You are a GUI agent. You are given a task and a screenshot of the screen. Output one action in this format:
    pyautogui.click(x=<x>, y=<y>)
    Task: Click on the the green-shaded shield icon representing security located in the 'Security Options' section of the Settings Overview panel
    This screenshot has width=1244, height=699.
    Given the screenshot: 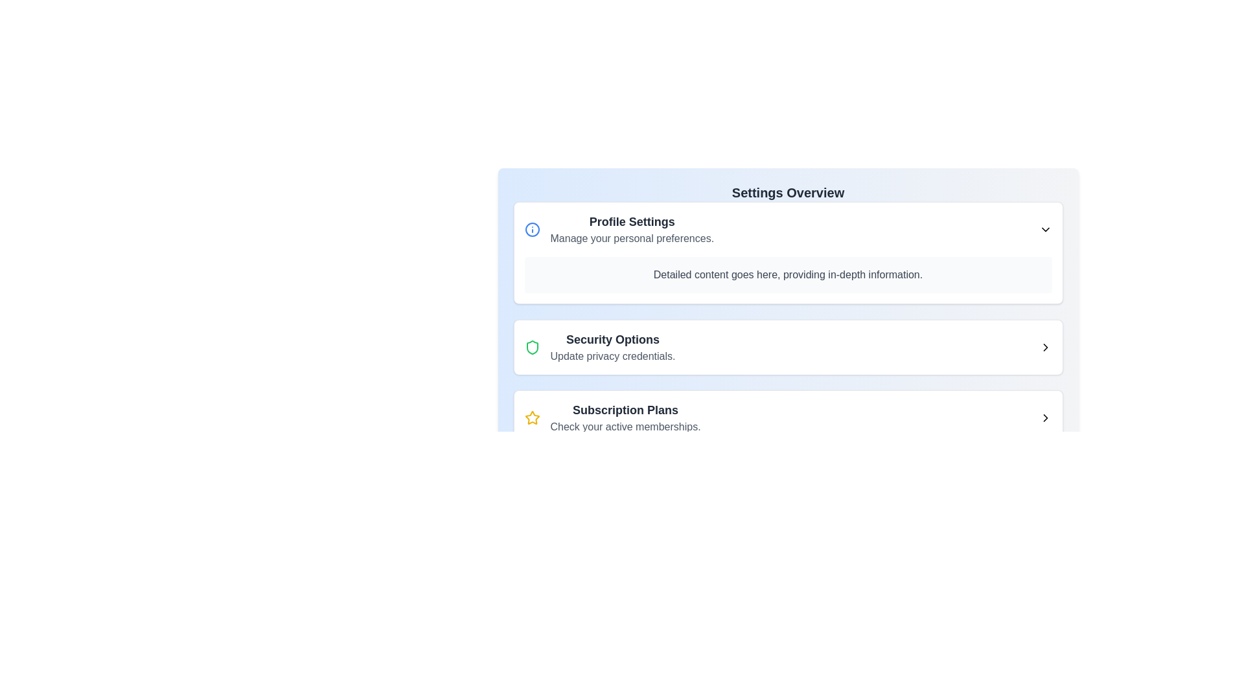 What is the action you would take?
    pyautogui.click(x=532, y=346)
    